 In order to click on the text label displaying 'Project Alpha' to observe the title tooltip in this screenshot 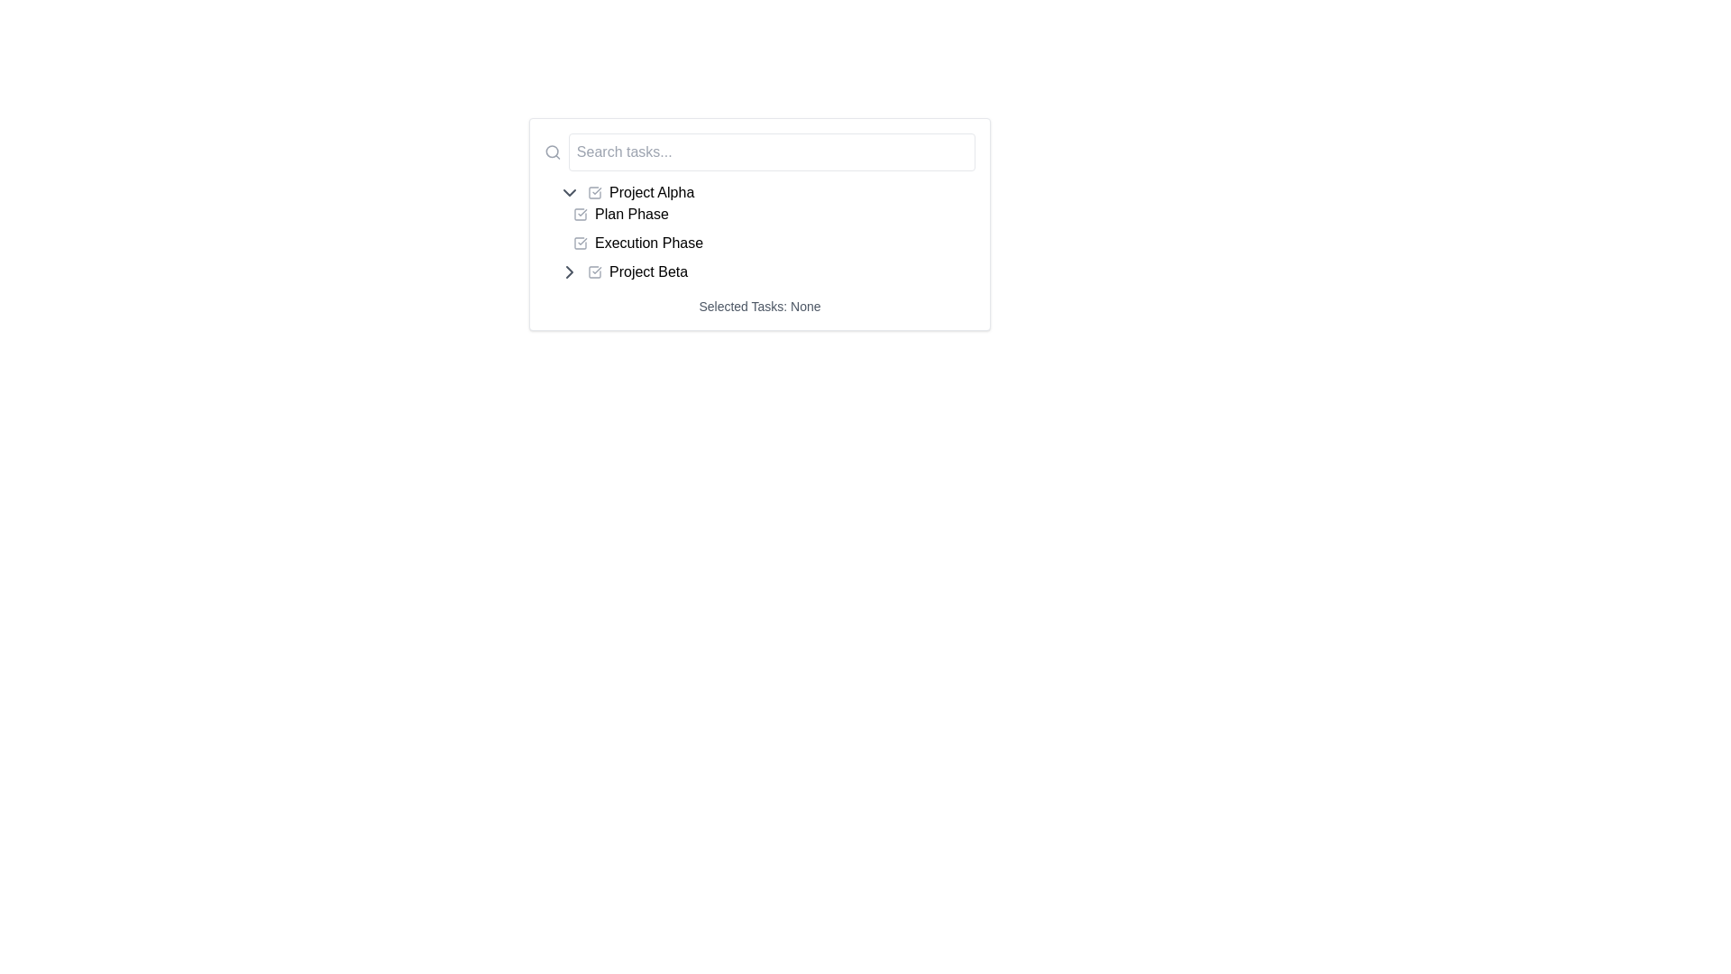, I will do `click(651, 192)`.